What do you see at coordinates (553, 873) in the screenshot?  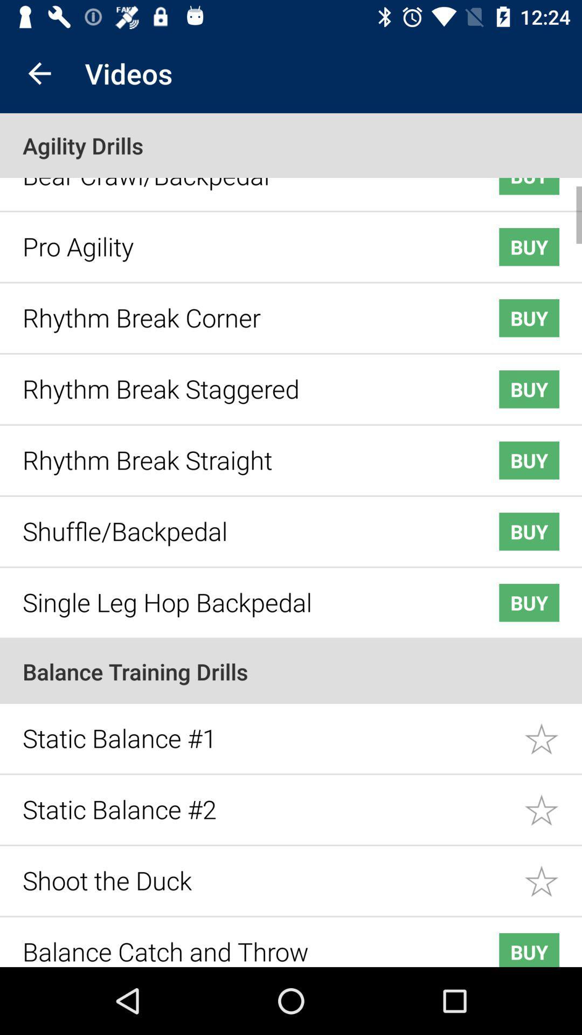 I see `like this item` at bounding box center [553, 873].